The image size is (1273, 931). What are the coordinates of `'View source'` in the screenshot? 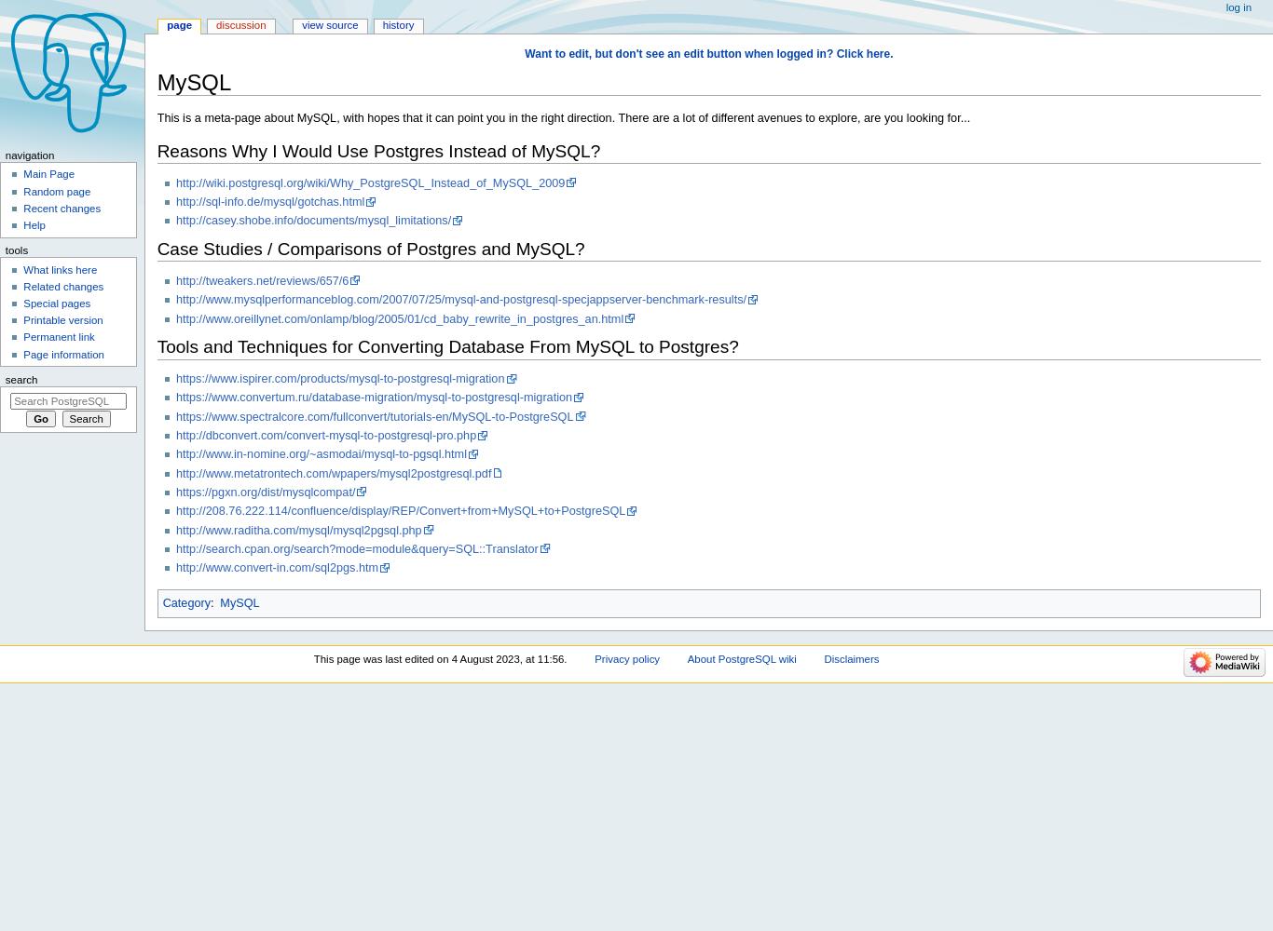 It's located at (329, 25).